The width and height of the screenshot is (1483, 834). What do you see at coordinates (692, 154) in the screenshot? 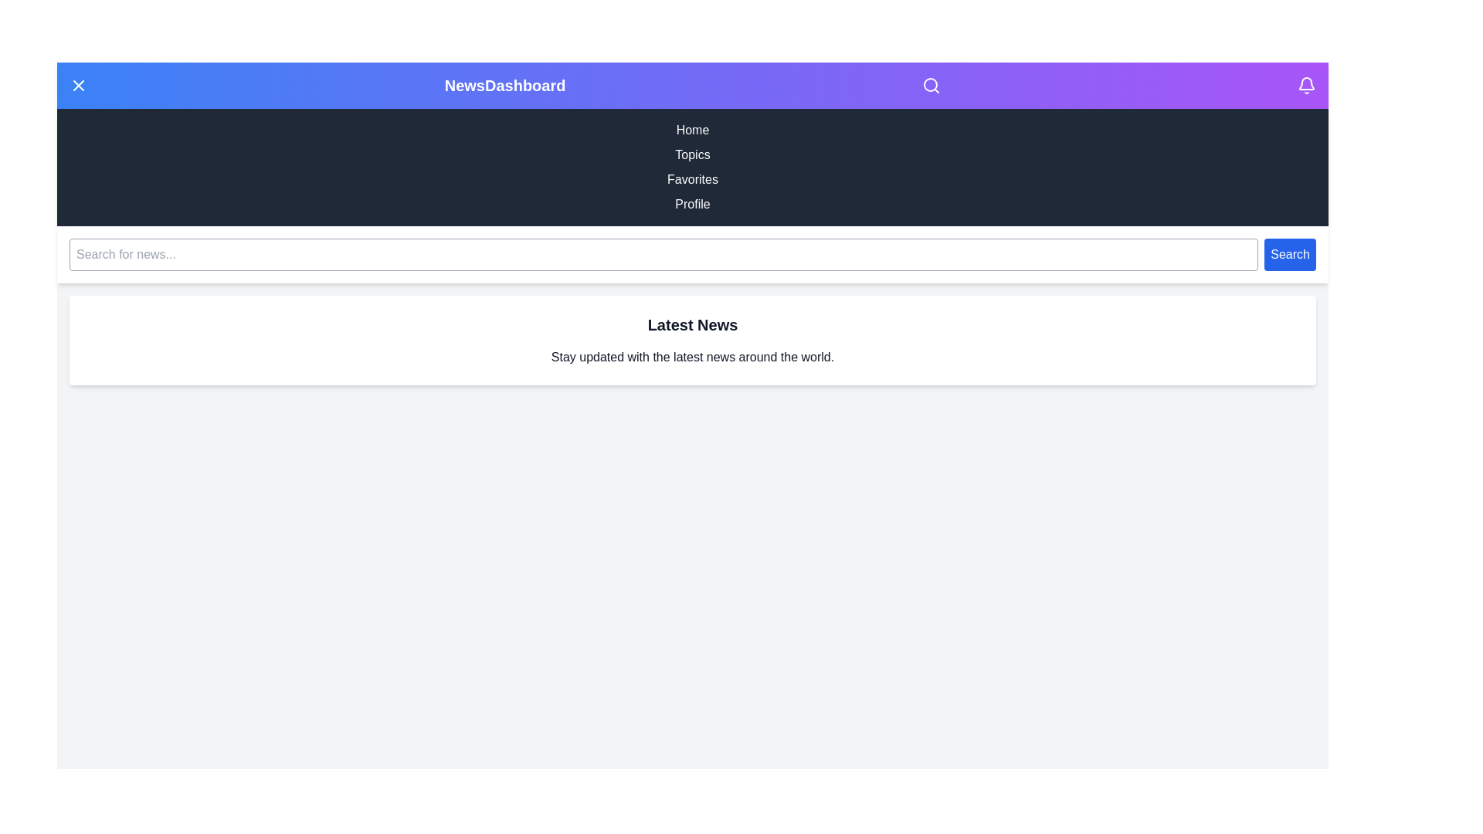
I see `the navigation menu item Topics` at bounding box center [692, 154].